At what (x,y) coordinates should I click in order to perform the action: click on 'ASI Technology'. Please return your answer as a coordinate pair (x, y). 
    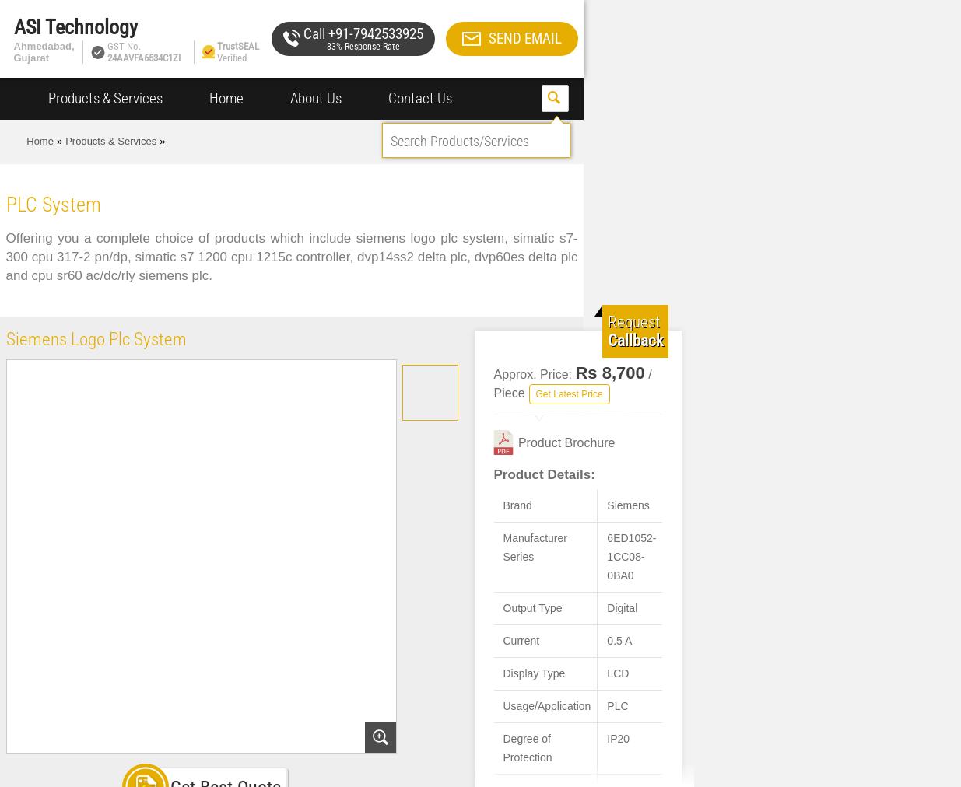
    Looking at the image, I should click on (12, 26).